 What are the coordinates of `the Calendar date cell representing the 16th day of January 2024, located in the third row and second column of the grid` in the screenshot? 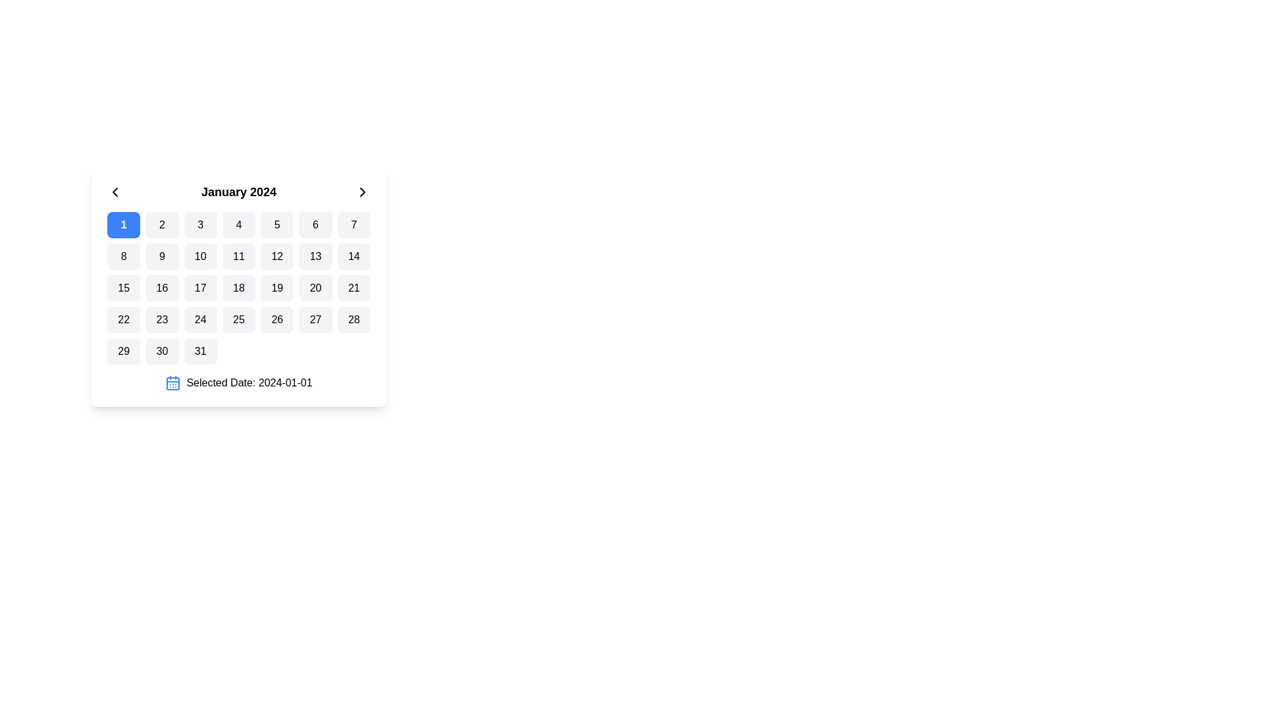 It's located at (161, 288).